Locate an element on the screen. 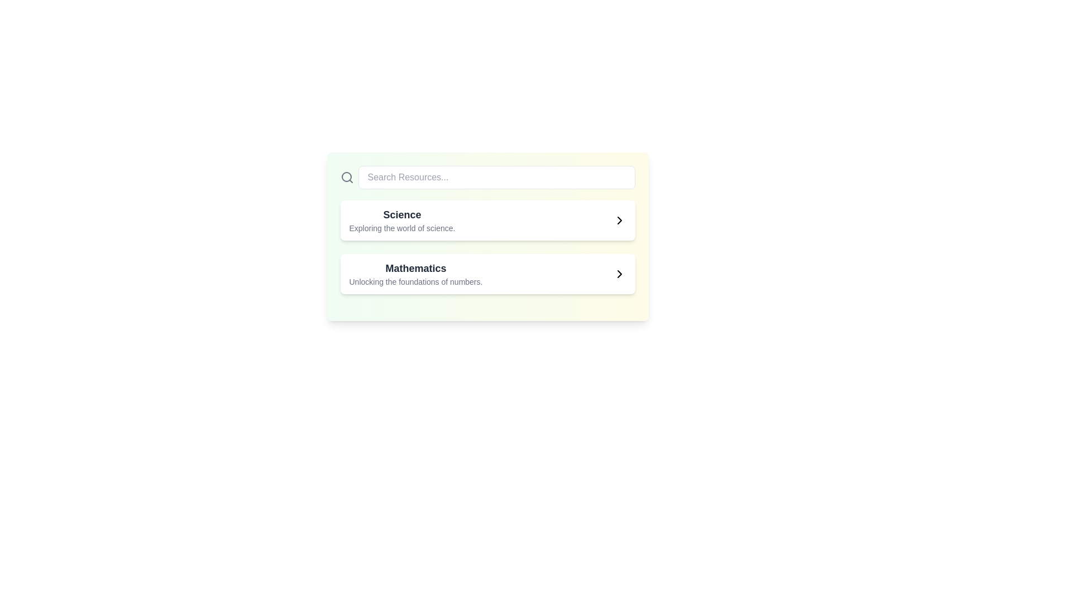 This screenshot has width=1072, height=603. text information from the 'Mathematics' text block, which features bold dark gray text and a smaller lighter gray subtitle, positioned in the center-right of the interface below the 'Science' card is located at coordinates (415, 274).